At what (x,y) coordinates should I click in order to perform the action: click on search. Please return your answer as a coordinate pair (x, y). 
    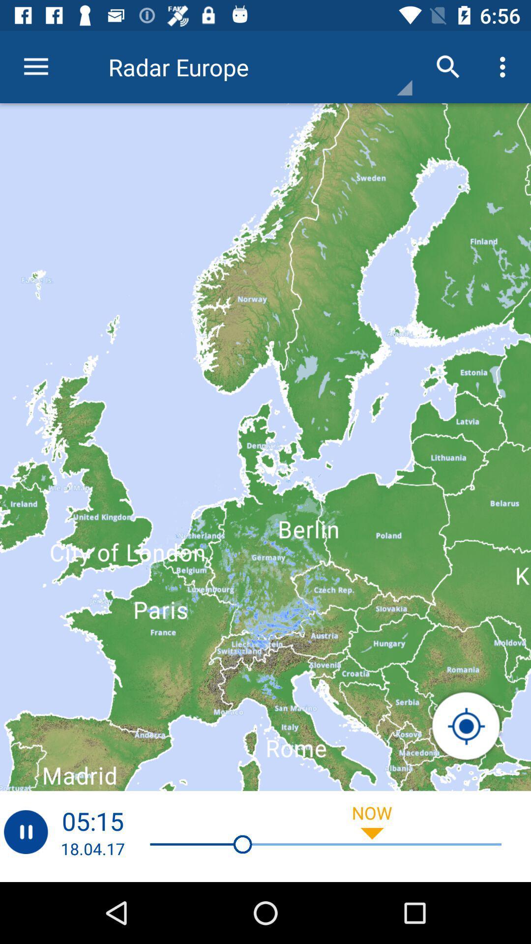
    Looking at the image, I should click on (466, 726).